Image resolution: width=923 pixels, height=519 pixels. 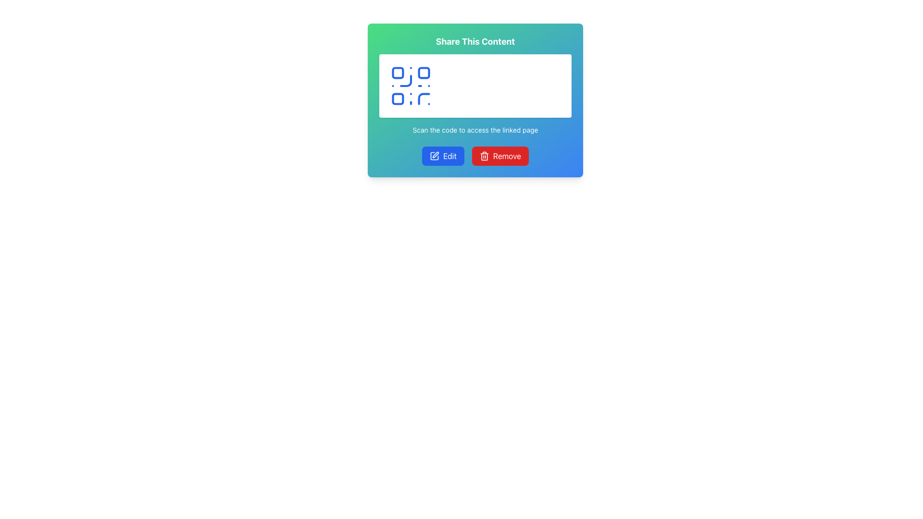 I want to click on the QR code icon located in the upper-left corner of the central modal card to interact with it, so click(x=411, y=85).